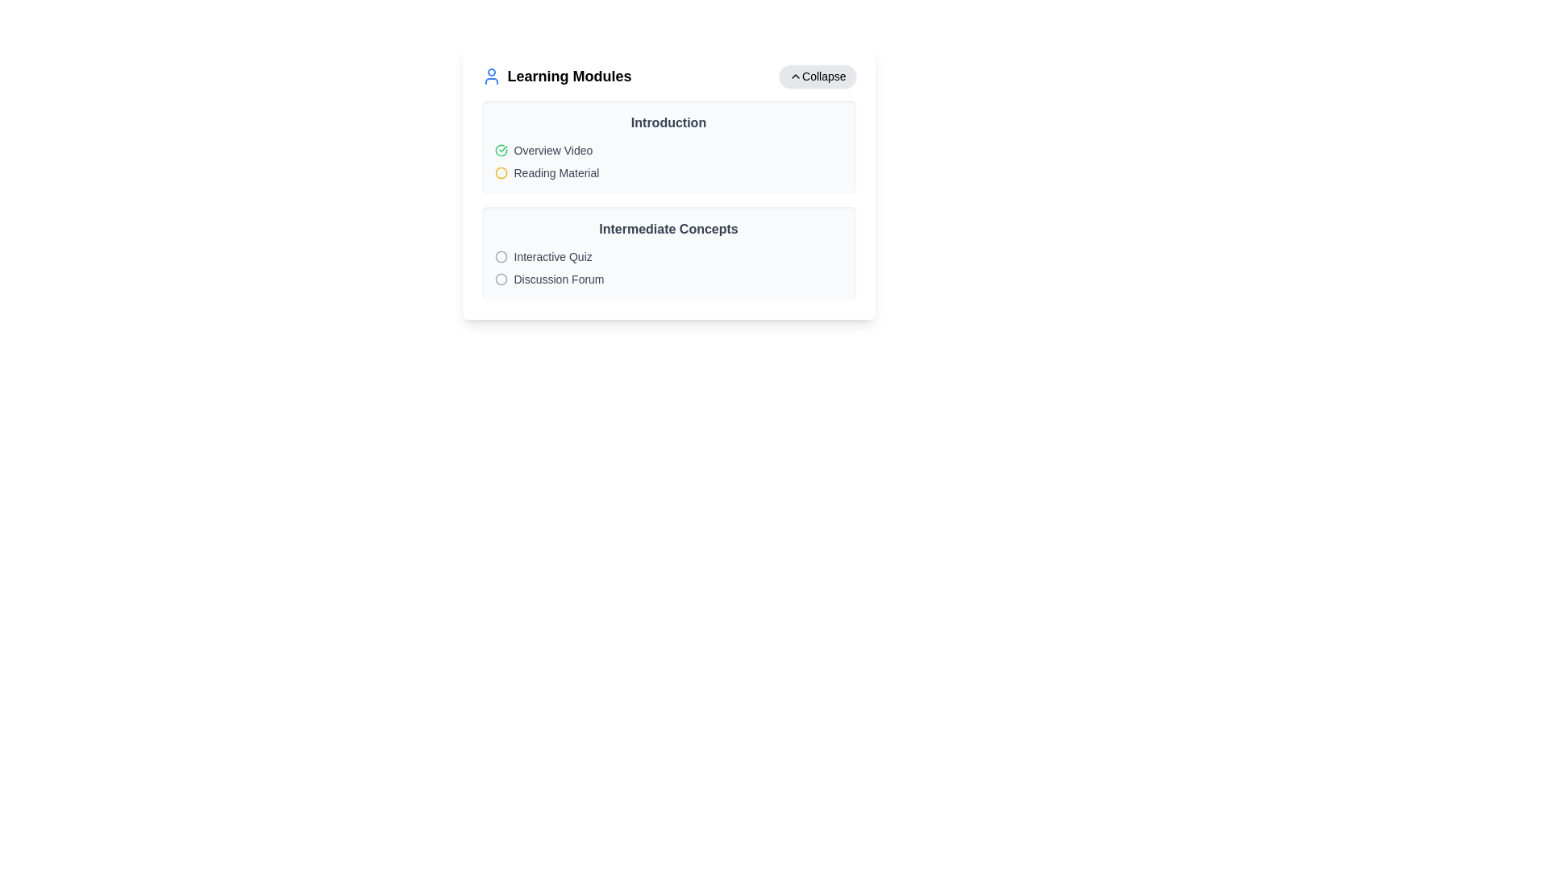 This screenshot has width=1548, height=870. Describe the element at coordinates (500, 173) in the screenshot. I see `the circular icon representing the status of the 'Reading Material' located in the 'Introduction' section` at that location.